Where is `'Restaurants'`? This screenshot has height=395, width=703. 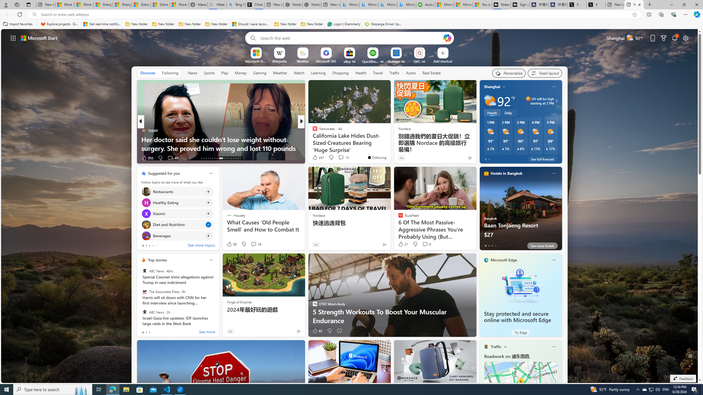
'Restaurants' is located at coordinates (146, 191).